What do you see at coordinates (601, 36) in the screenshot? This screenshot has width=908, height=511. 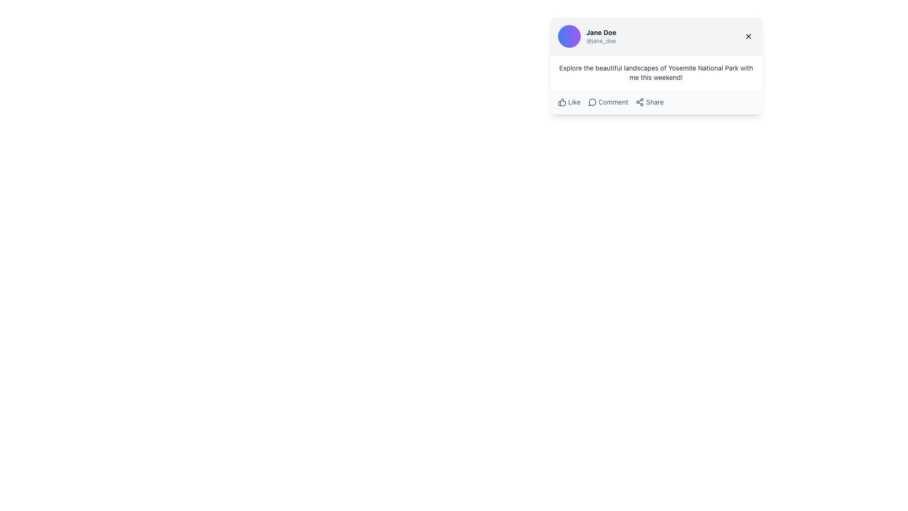 I see `the Text Display Component that contains the texts 'Jane Doe' in bold black font and '@jane_doe' in a smaller, lighter font, positioned to the right of a circular profile picture` at bounding box center [601, 36].